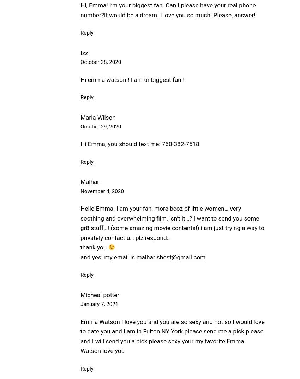 The height and width of the screenshot is (379, 300). Describe the element at coordinates (100, 126) in the screenshot. I see `'October 29, 2020'` at that location.